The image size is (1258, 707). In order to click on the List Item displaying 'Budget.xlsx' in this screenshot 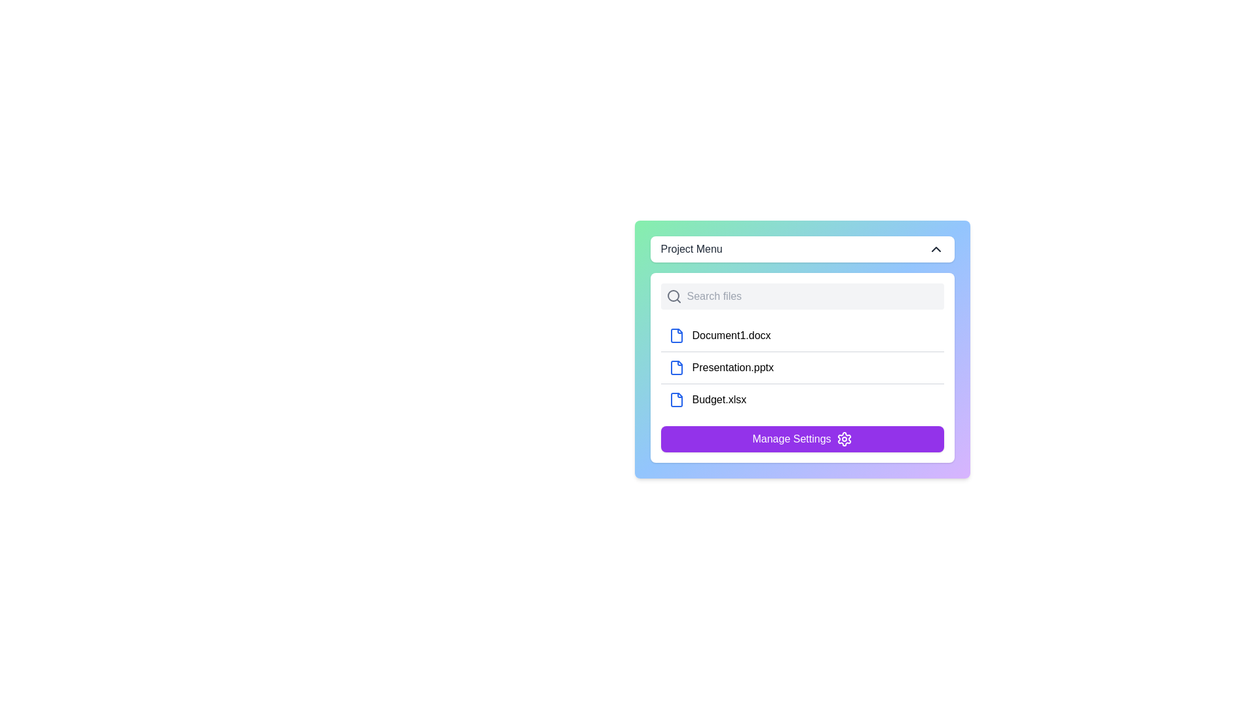, I will do `click(801, 399)`.